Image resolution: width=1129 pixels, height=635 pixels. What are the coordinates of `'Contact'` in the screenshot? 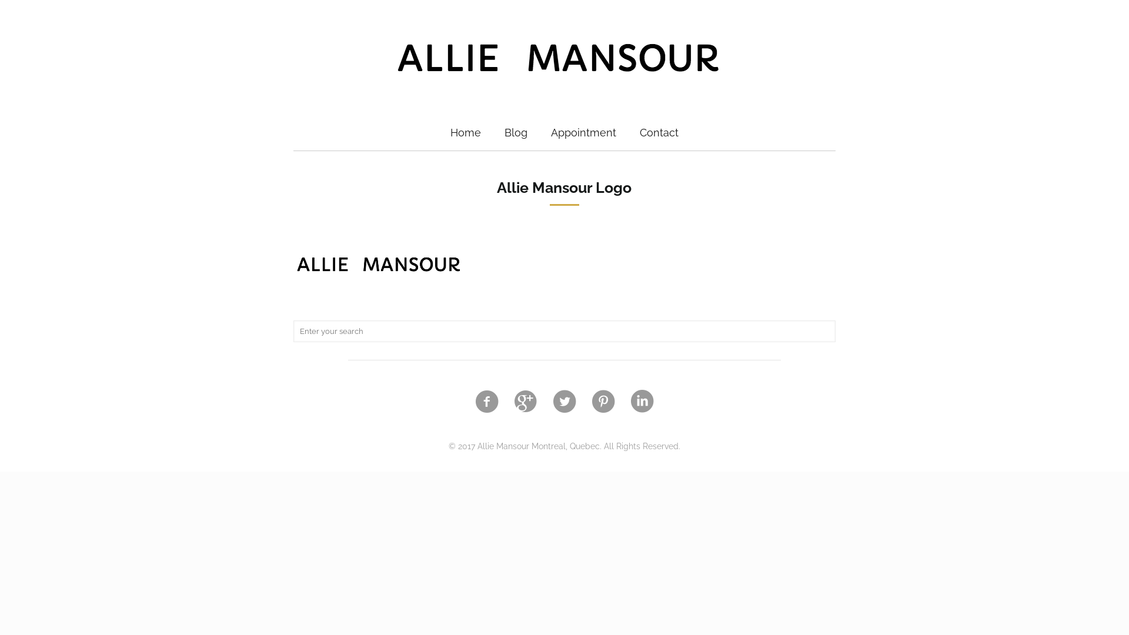 It's located at (659, 132).